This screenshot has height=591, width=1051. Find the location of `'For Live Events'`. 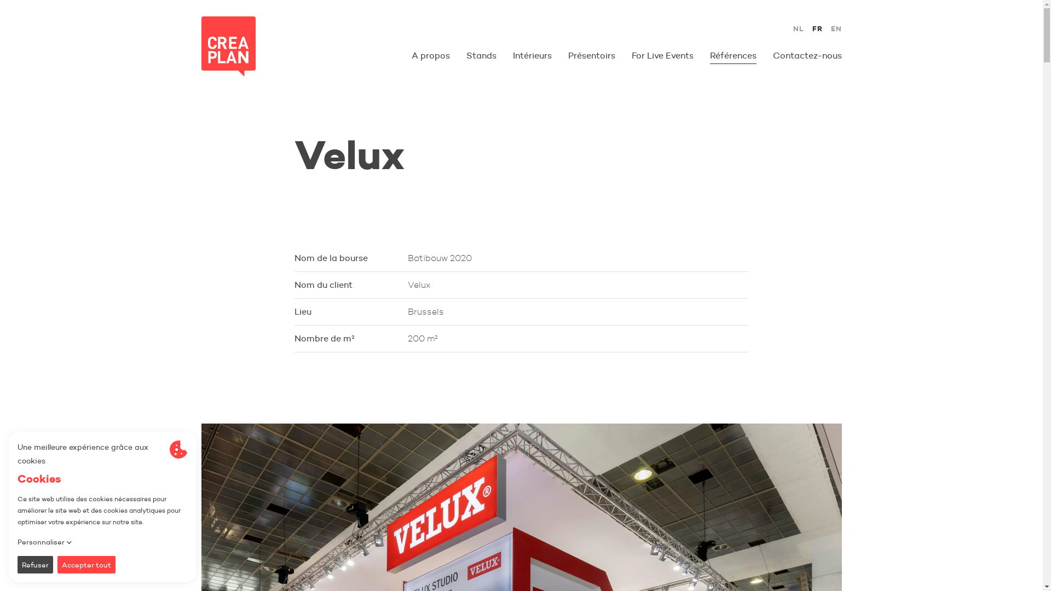

'For Live Events' is located at coordinates (662, 55).